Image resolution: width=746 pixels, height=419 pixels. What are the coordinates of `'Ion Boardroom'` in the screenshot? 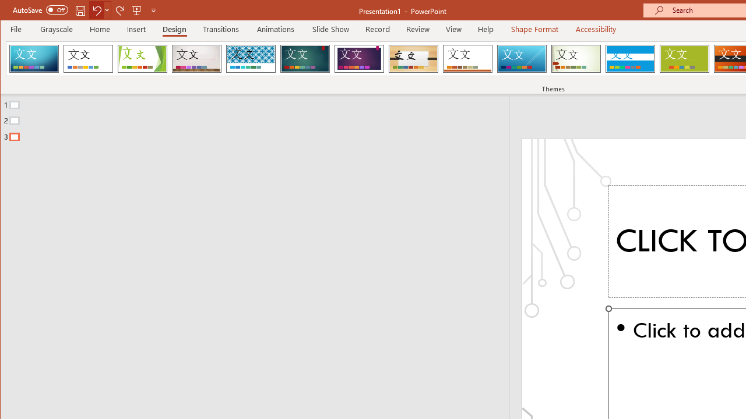 It's located at (358, 58).